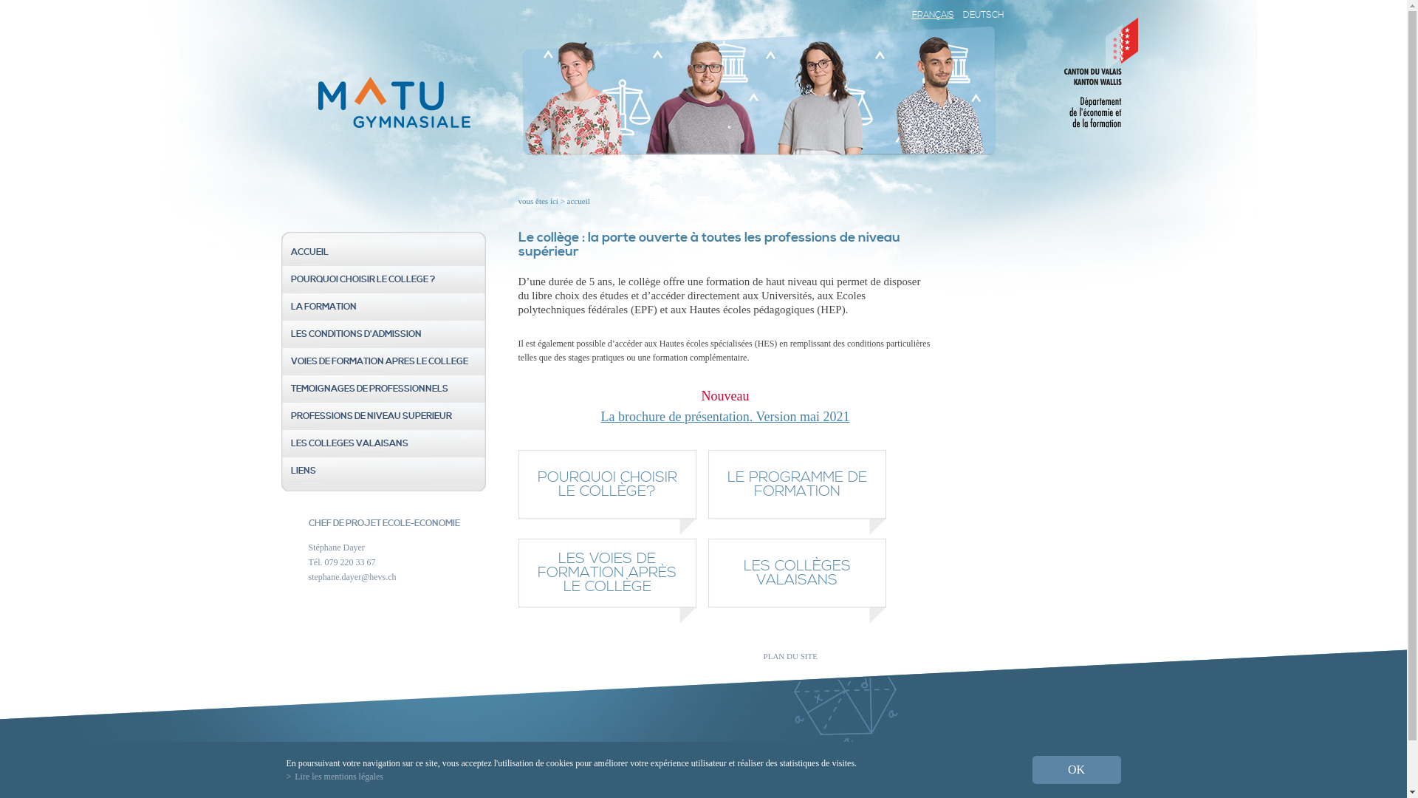  What do you see at coordinates (352, 576) in the screenshot?
I see `'stephane.dayer@hevs.ch'` at bounding box center [352, 576].